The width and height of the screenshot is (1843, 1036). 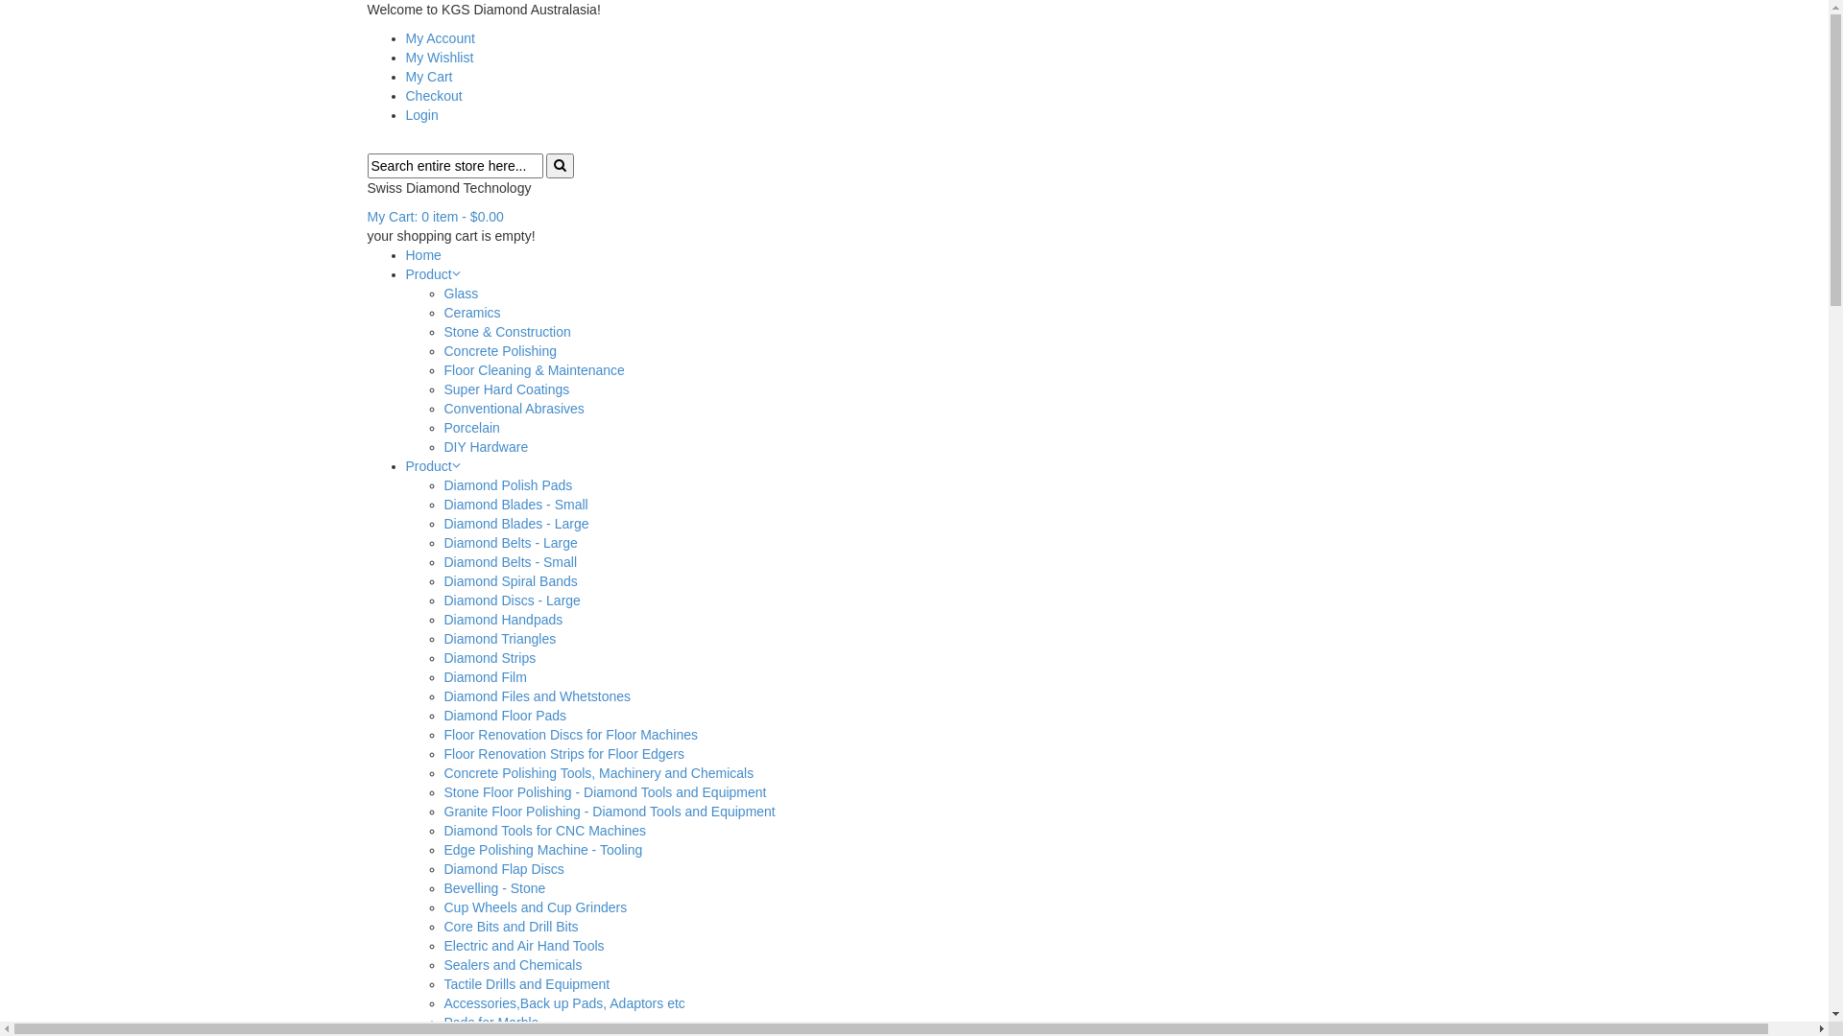 What do you see at coordinates (608, 811) in the screenshot?
I see `'Granite Floor Polishing - Diamond Tools and Equipment'` at bounding box center [608, 811].